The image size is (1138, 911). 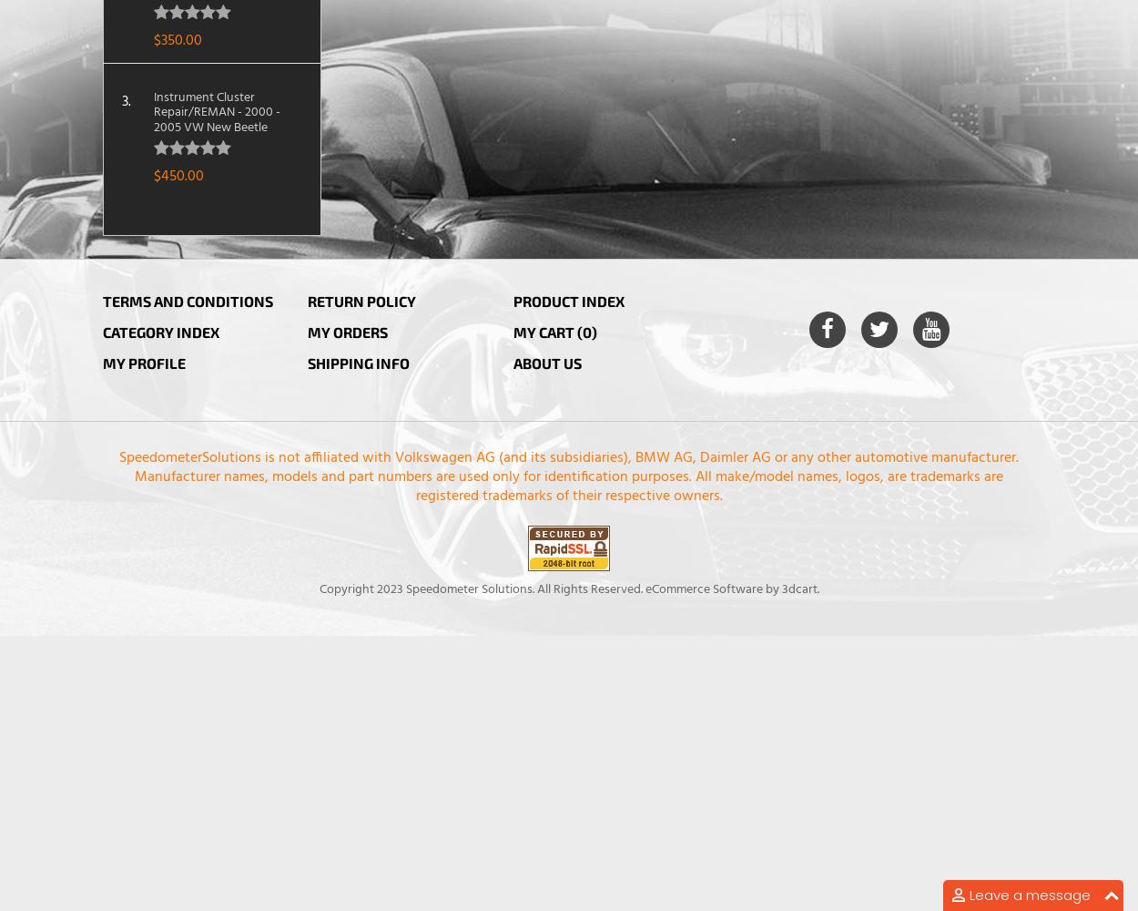 I want to click on 'Terms and Conditions', so click(x=187, y=300).